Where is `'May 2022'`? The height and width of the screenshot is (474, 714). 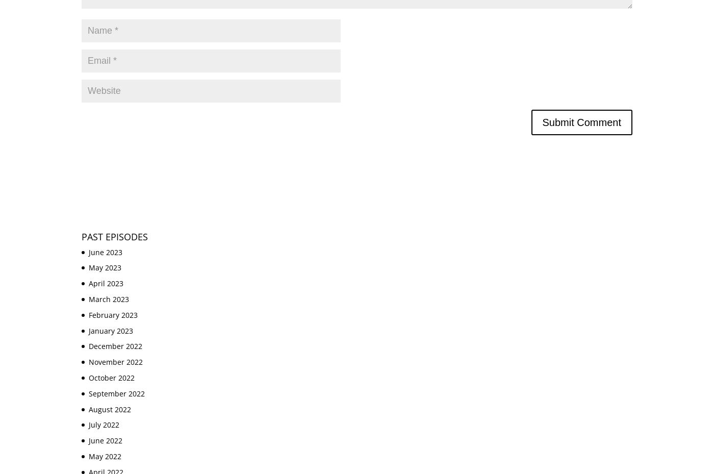
'May 2022' is located at coordinates (105, 456).